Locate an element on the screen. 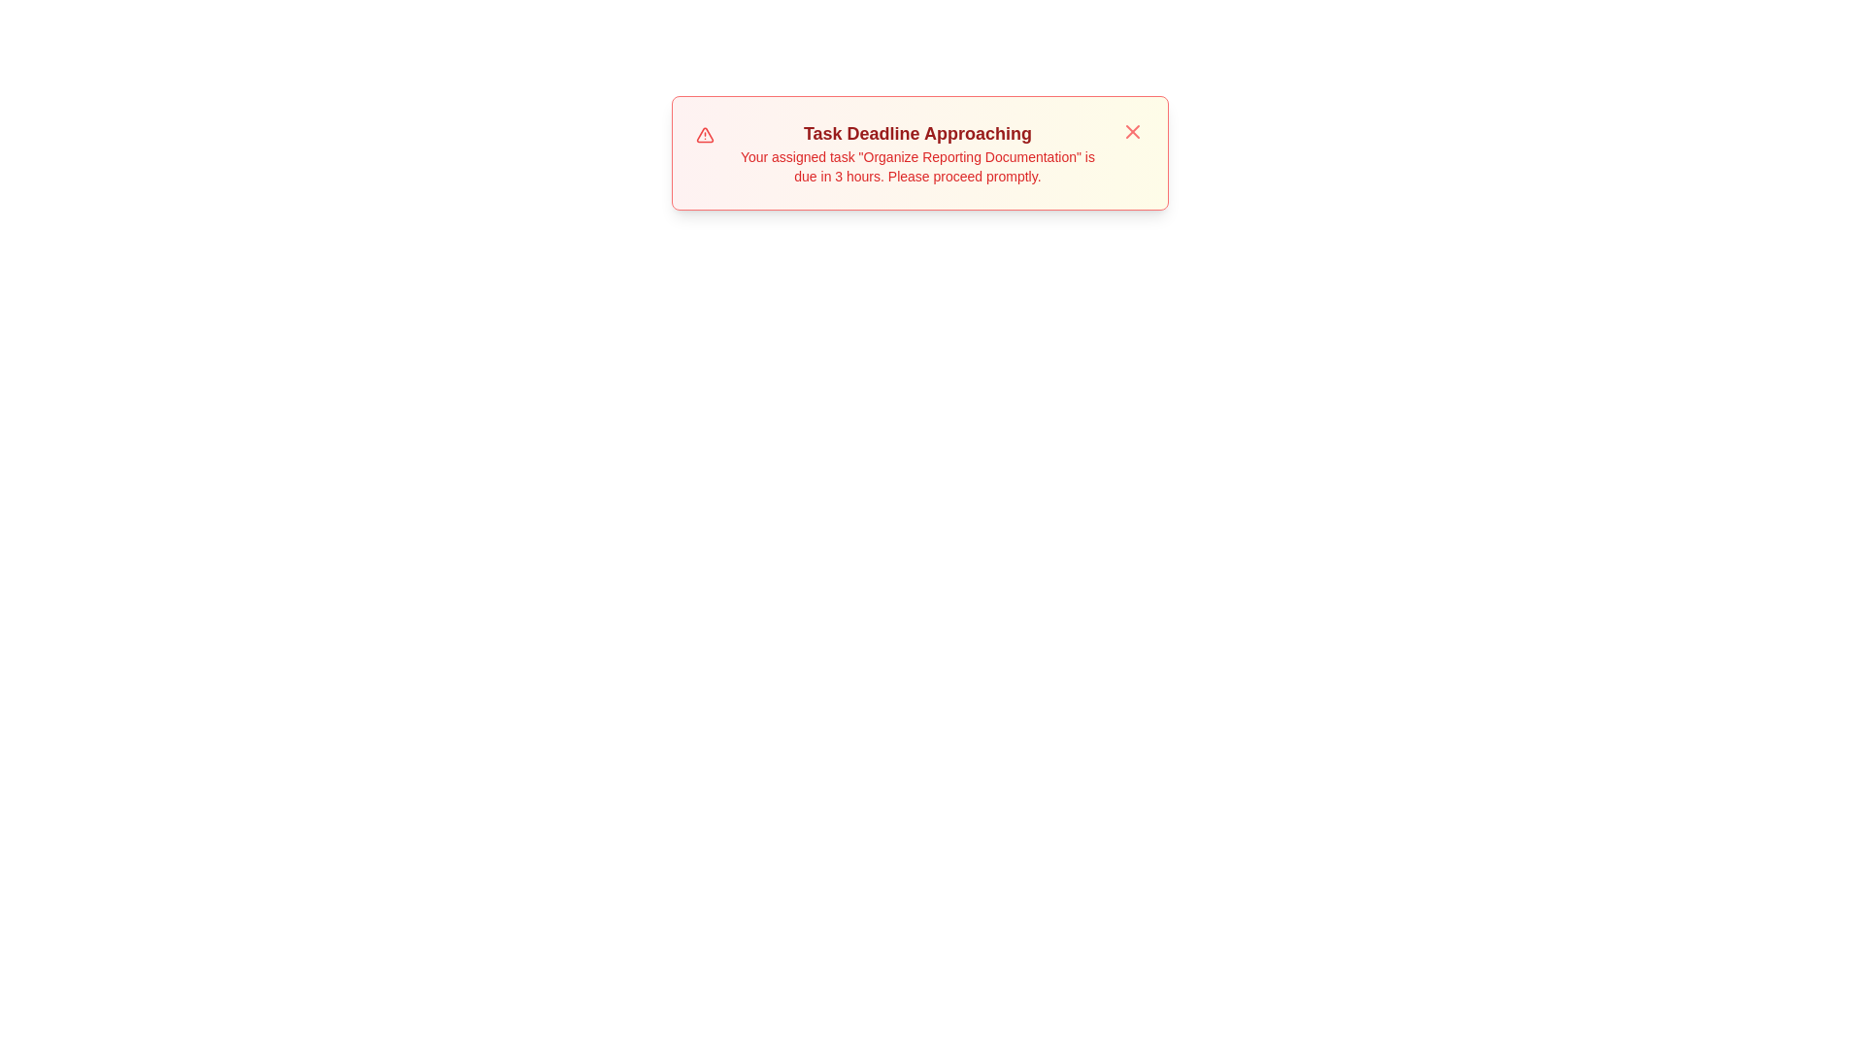 The height and width of the screenshot is (1048, 1864). the warning icon located at the top-left corner of the notification card, which is visually signifying a warning or alert is located at coordinates (704, 134).